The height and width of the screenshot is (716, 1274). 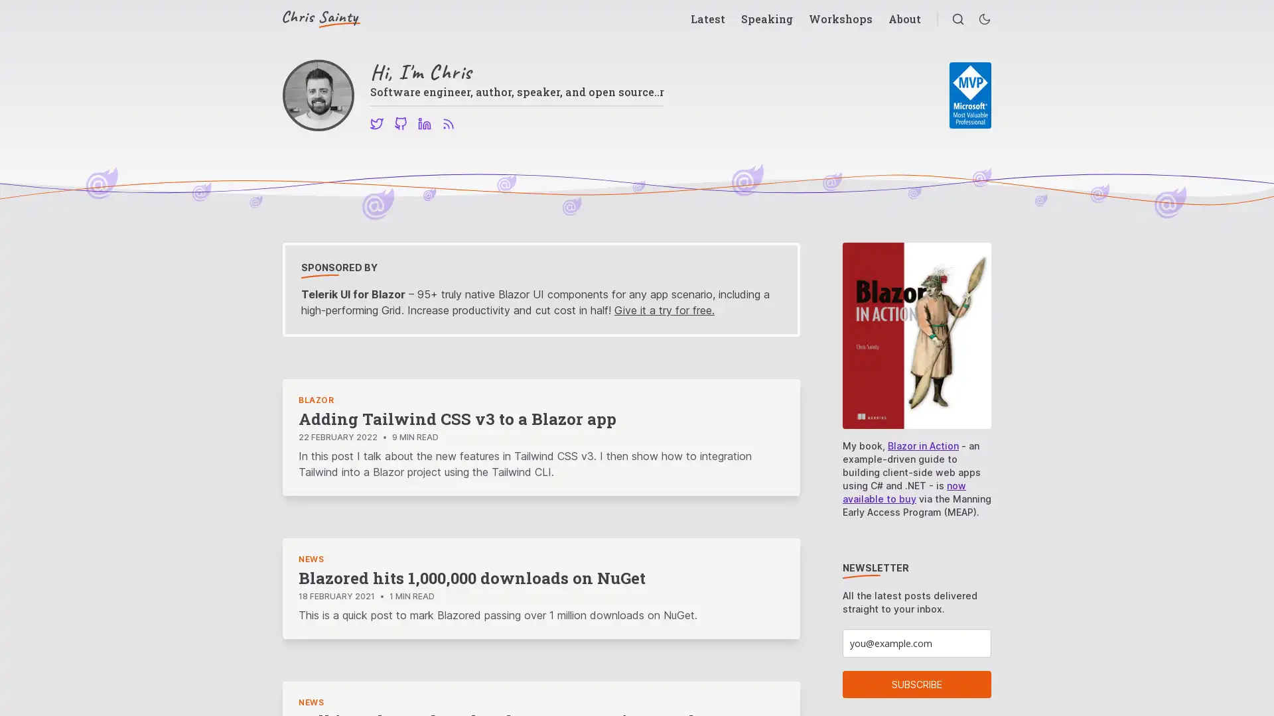 What do you see at coordinates (916, 684) in the screenshot?
I see `SUBSCRIBE` at bounding box center [916, 684].